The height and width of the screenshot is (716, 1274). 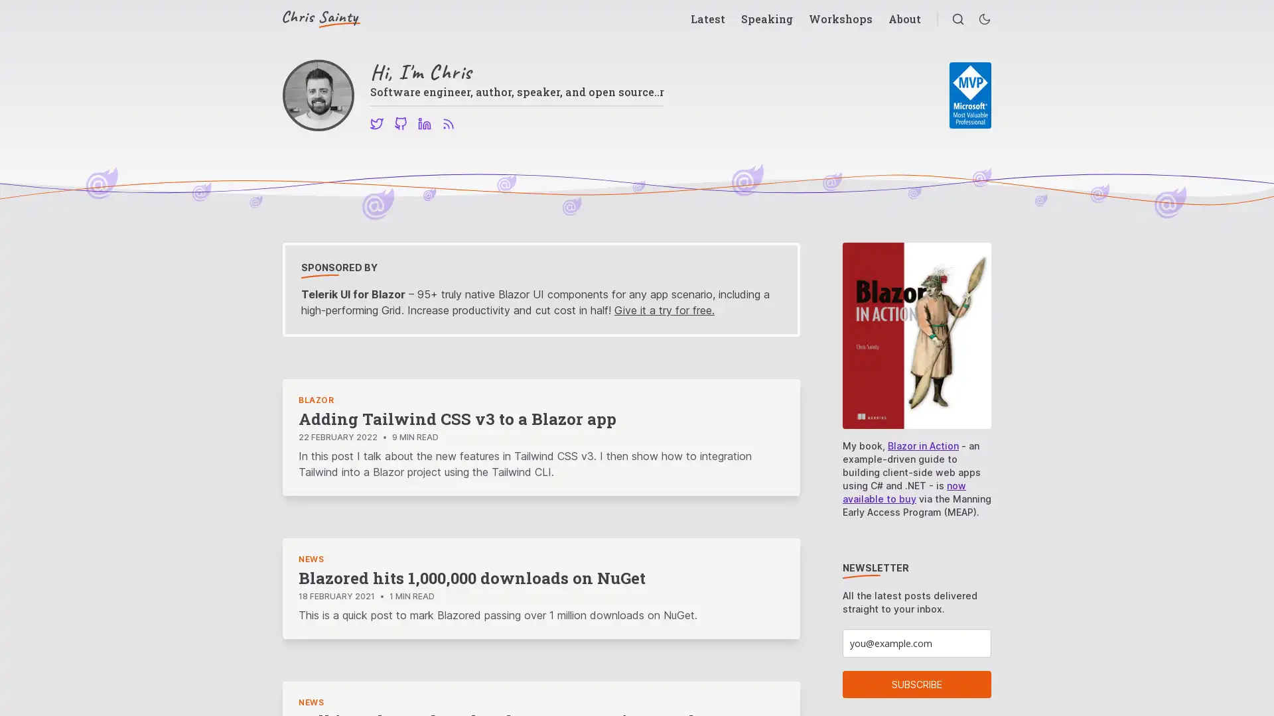 What do you see at coordinates (916, 684) in the screenshot?
I see `SUBSCRIBE` at bounding box center [916, 684].